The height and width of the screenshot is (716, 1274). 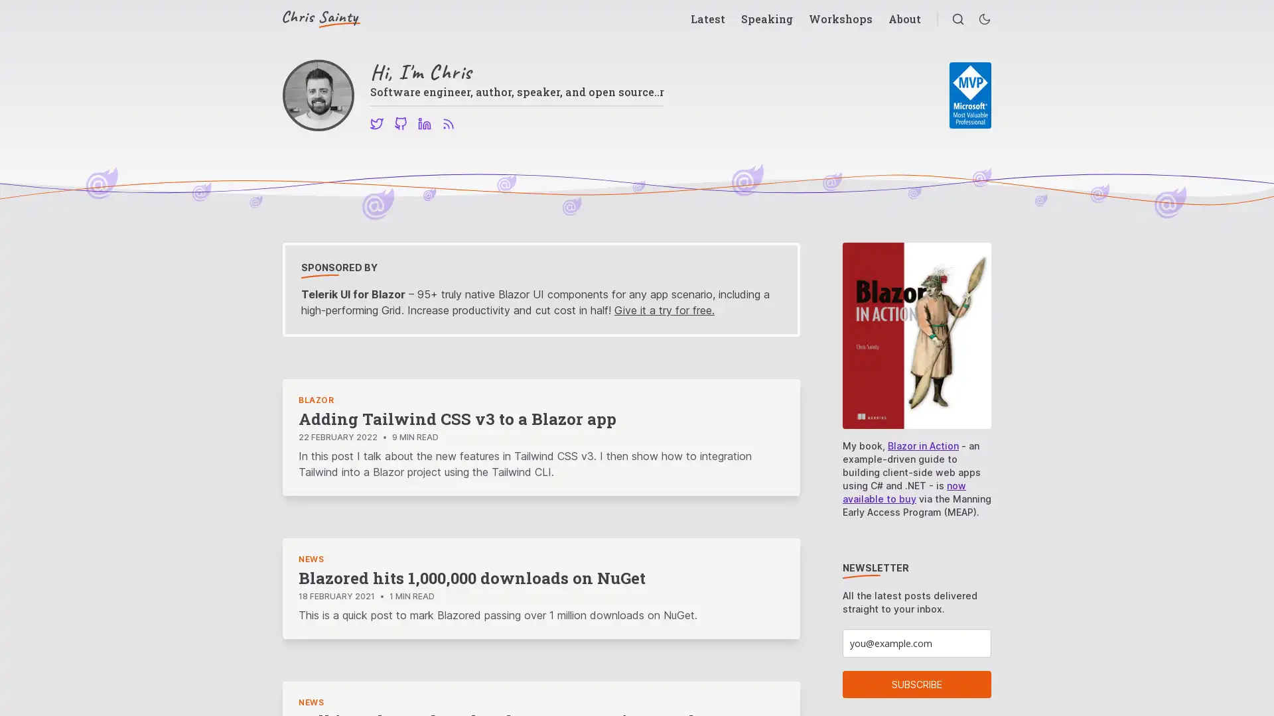 What do you see at coordinates (916, 684) in the screenshot?
I see `SUBSCRIBE` at bounding box center [916, 684].